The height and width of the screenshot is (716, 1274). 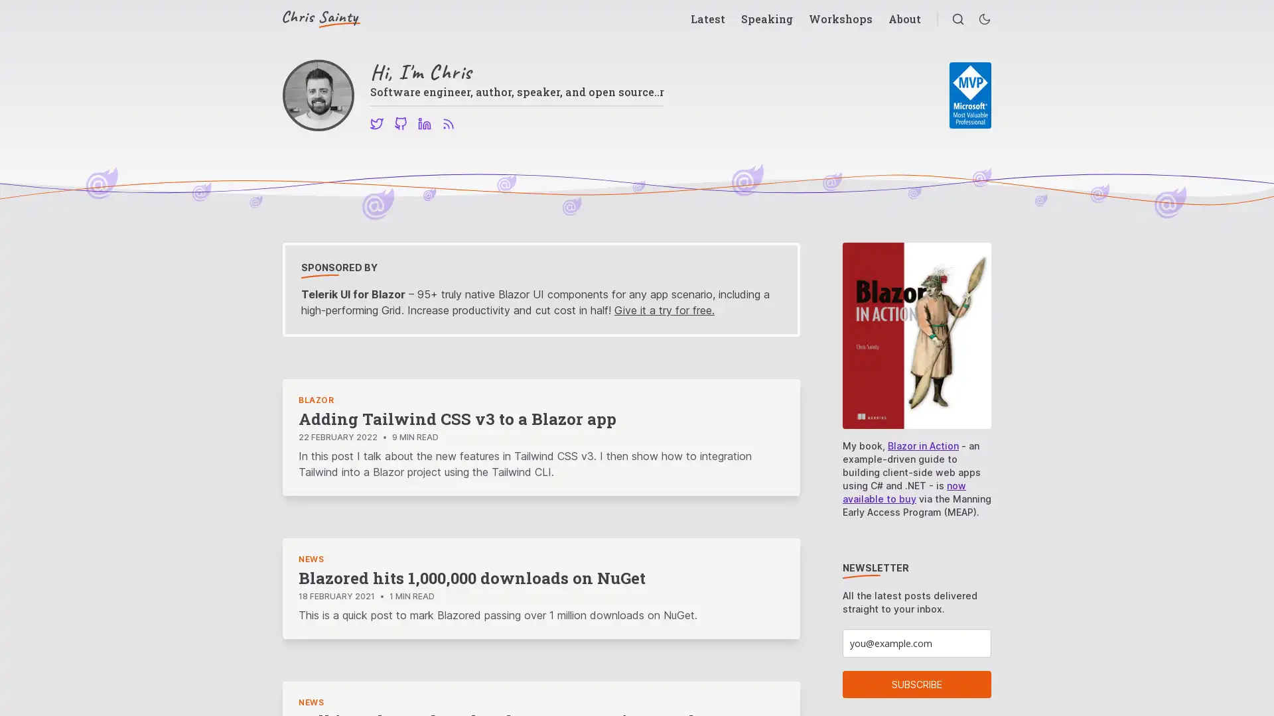 What do you see at coordinates (916, 684) in the screenshot?
I see `SUBSCRIBE` at bounding box center [916, 684].